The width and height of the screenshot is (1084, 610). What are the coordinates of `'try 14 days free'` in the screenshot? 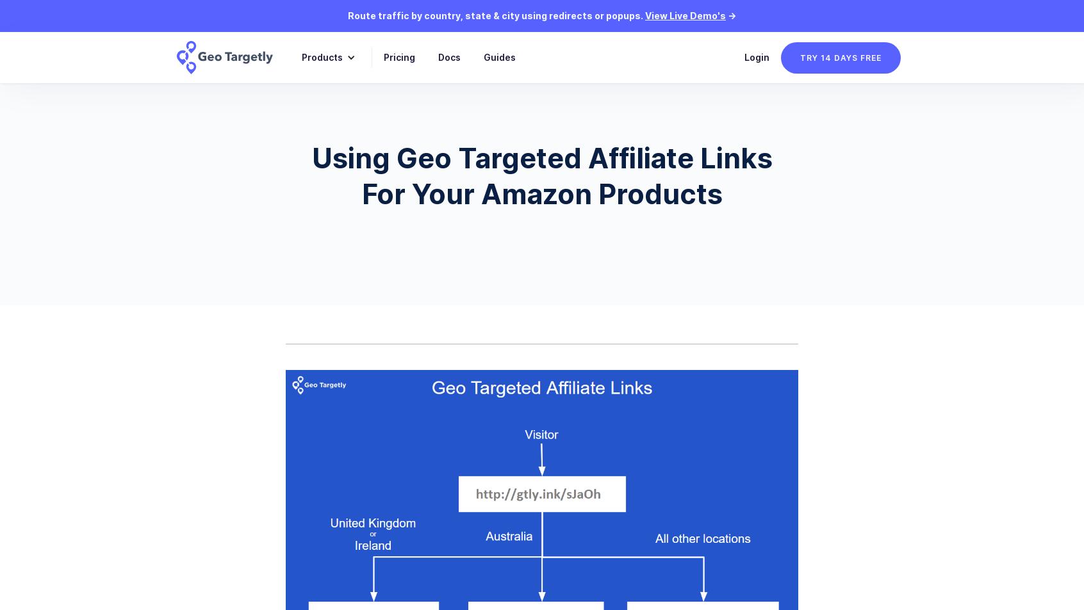 It's located at (800, 56).